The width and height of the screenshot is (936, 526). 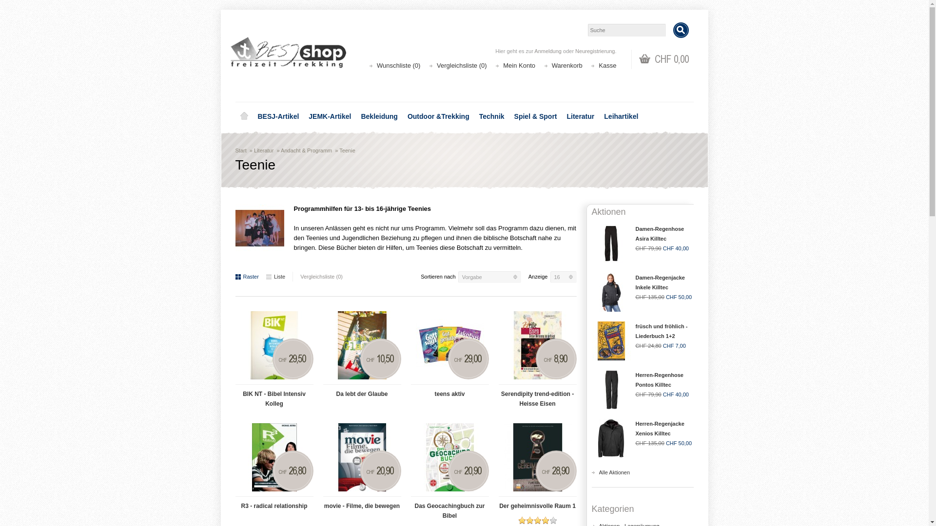 I want to click on 'Bekleidung', so click(x=378, y=116).